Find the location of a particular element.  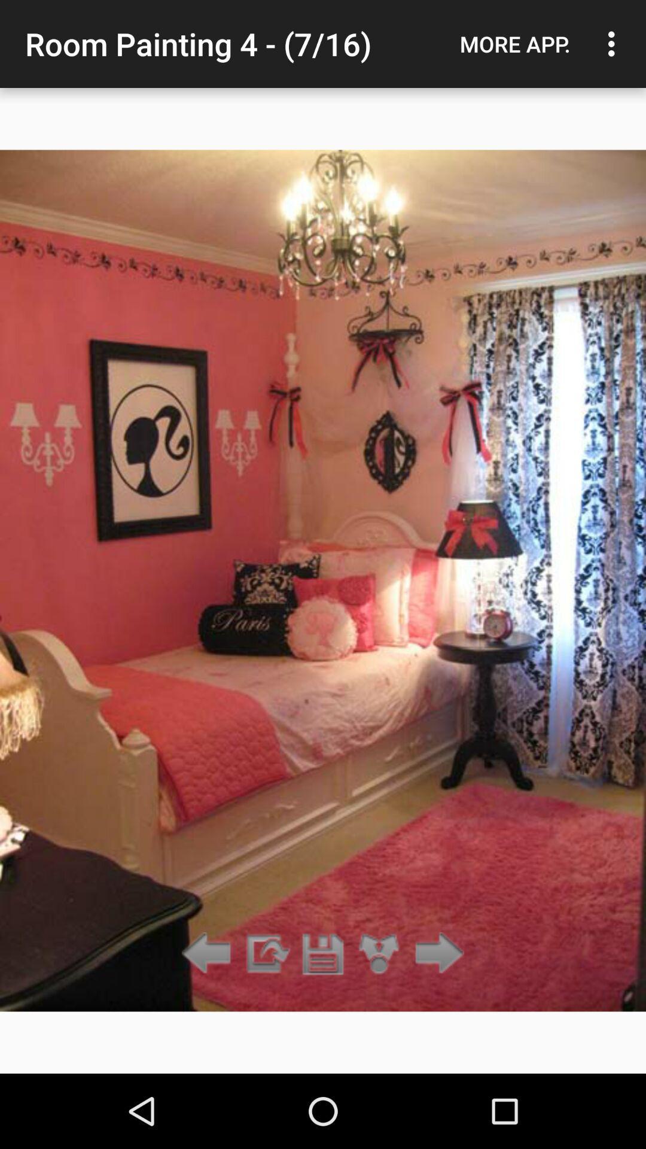

icon at the bottom right corner is located at coordinates (436, 953).